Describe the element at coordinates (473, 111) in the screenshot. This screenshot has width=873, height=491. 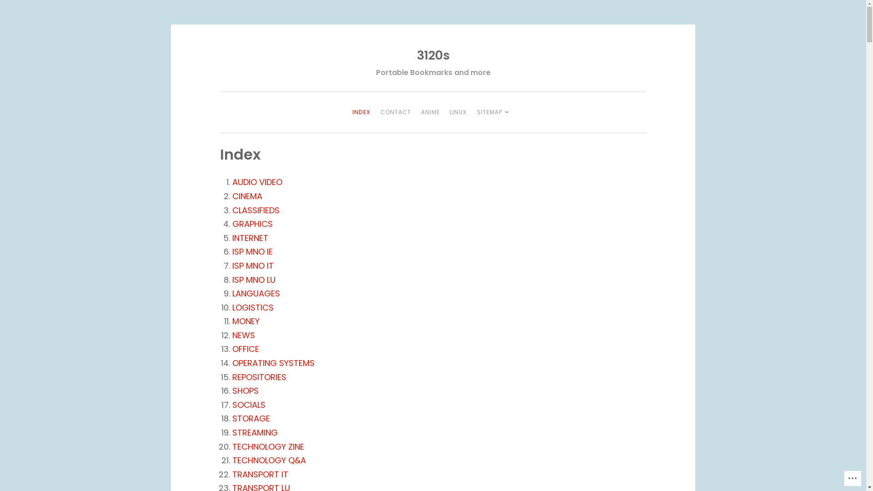
I see `'SITEMAP'` at that location.